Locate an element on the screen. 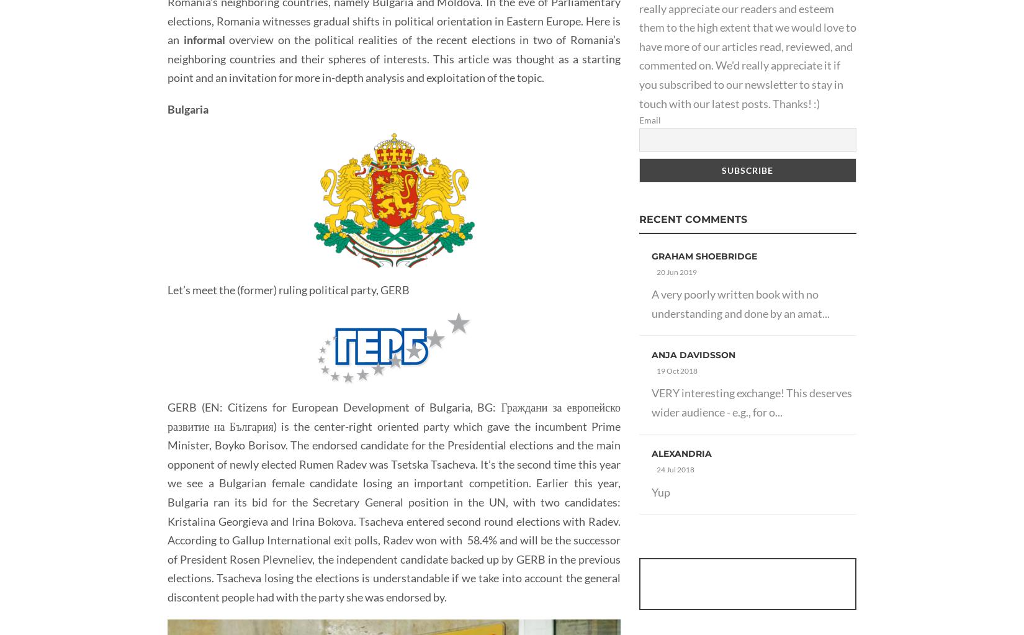 This screenshot has height=635, width=1024. '24 Jul 2018' is located at coordinates (675, 469).